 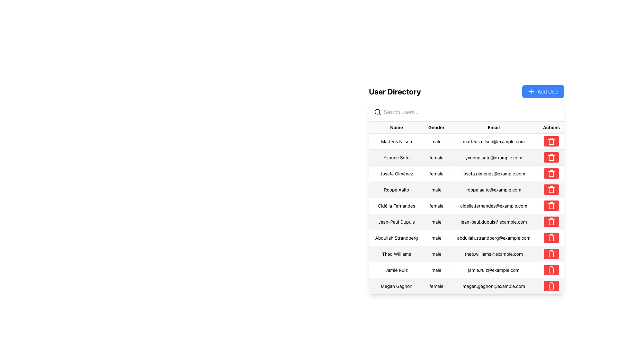 I want to click on the delete button with a trashcan icon in the Actions column for user 'Megan Gagnon', so click(x=551, y=286).